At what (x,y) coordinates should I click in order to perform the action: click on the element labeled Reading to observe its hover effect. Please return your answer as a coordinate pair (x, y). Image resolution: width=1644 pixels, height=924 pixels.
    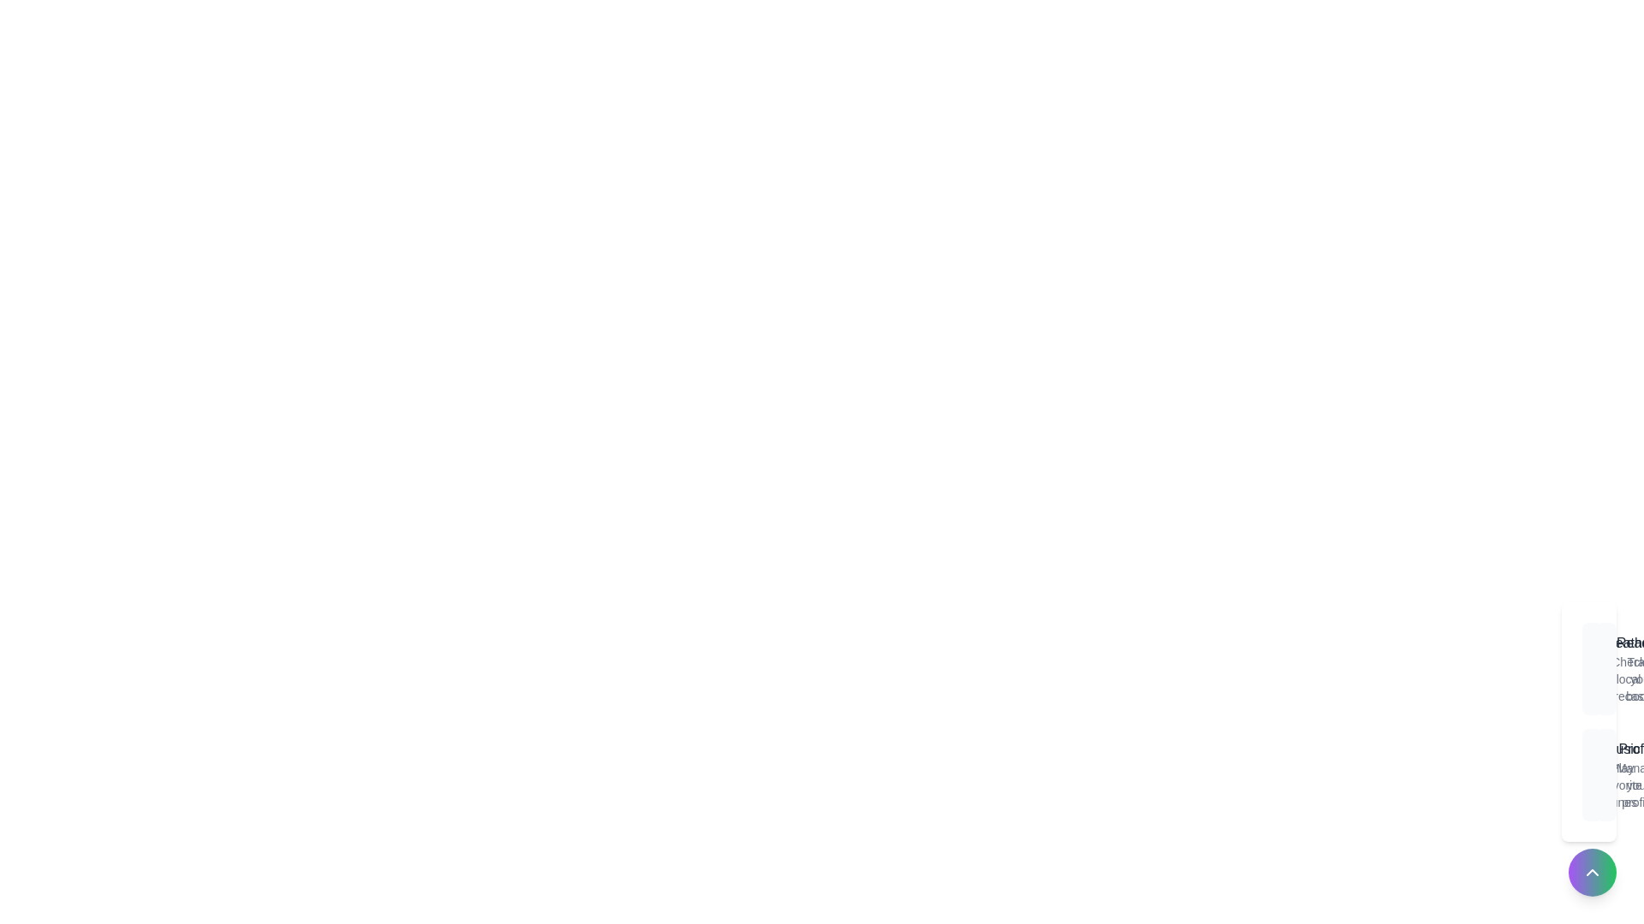
    Looking at the image, I should click on (1605, 668).